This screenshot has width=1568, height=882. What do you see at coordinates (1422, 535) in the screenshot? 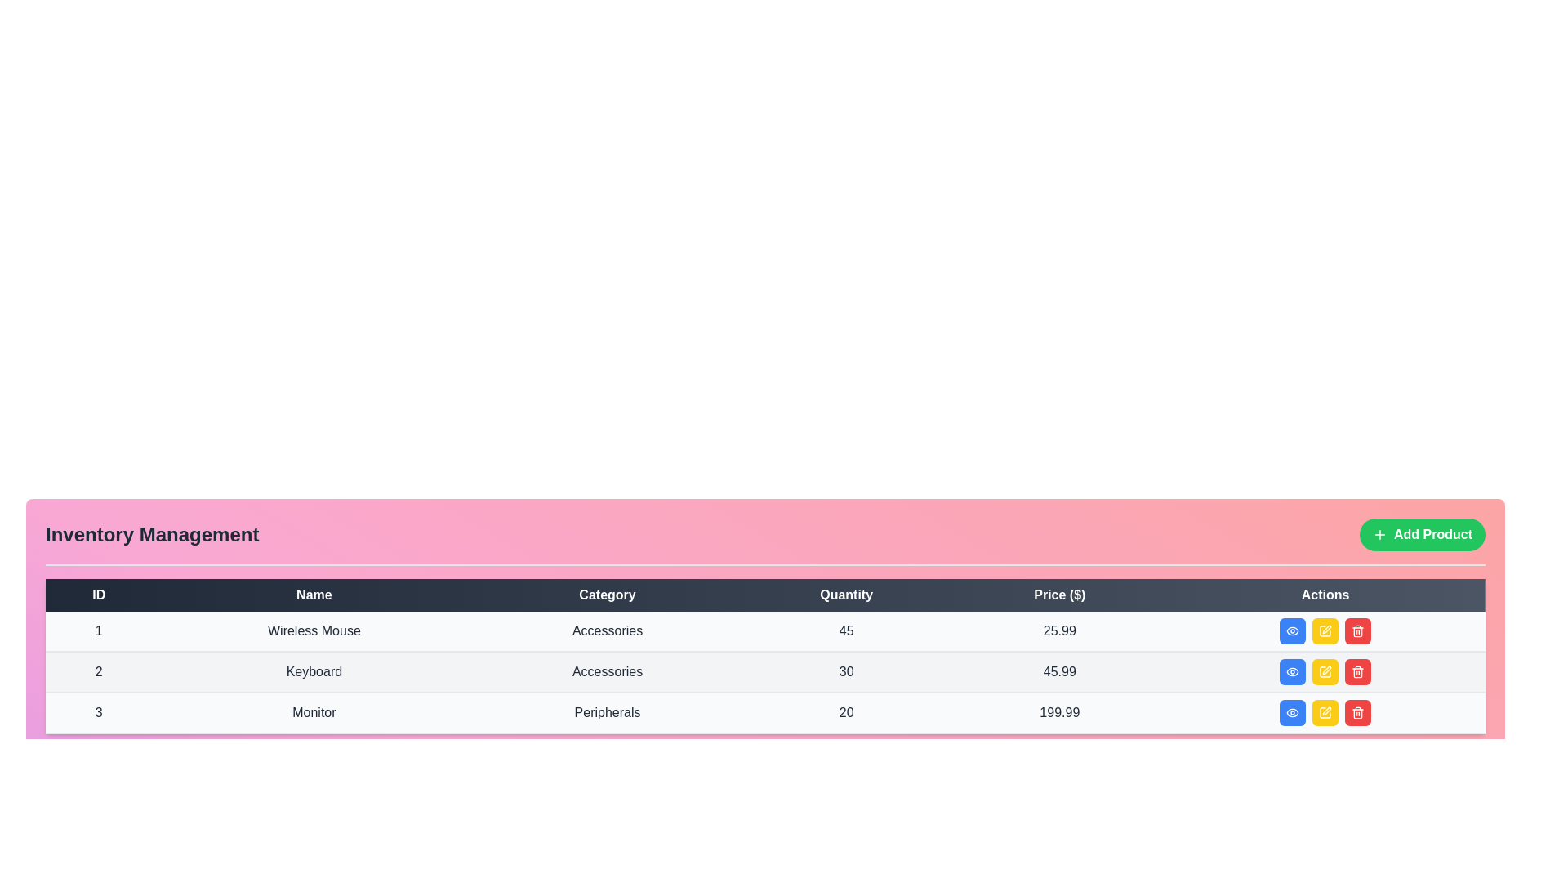
I see `the green 'Add Product' button with rounded edges to initiate the addition of a product` at bounding box center [1422, 535].